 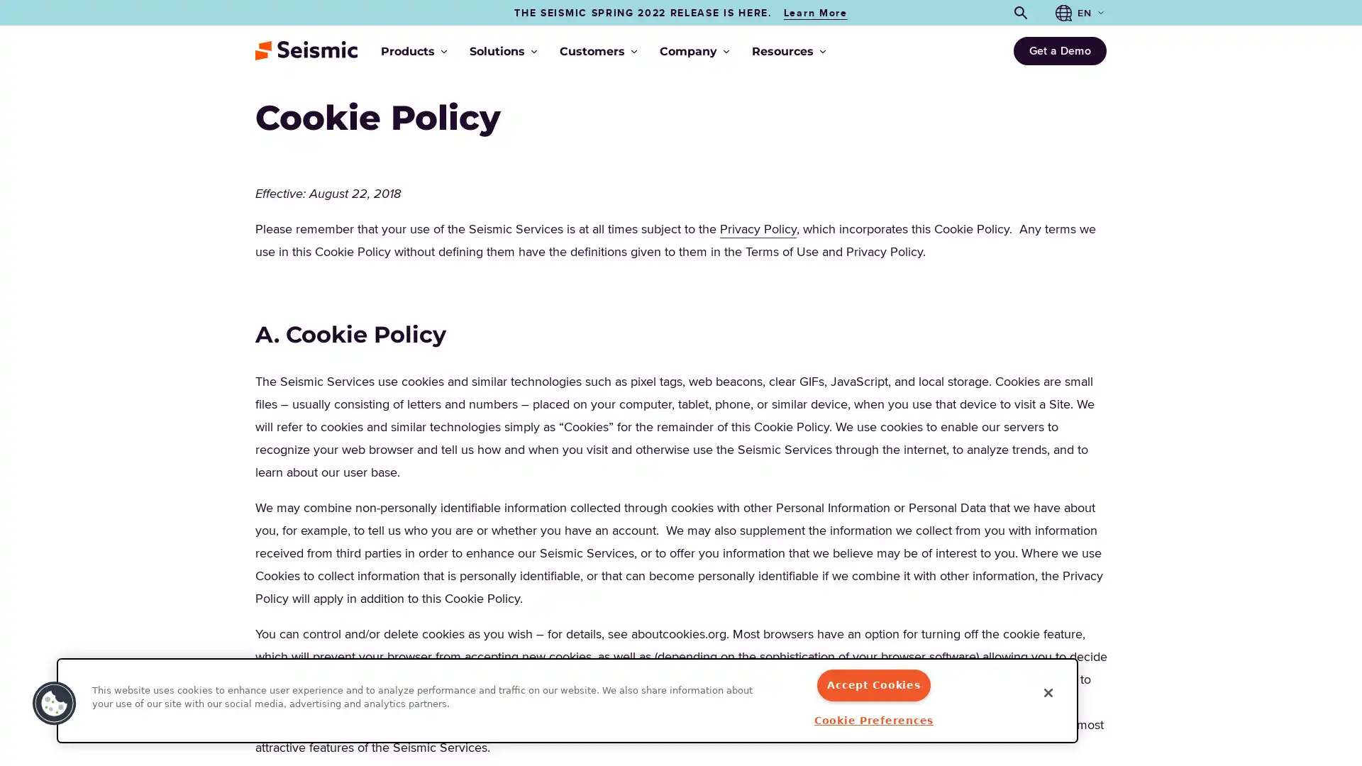 I want to click on Customers, so click(x=599, y=53).